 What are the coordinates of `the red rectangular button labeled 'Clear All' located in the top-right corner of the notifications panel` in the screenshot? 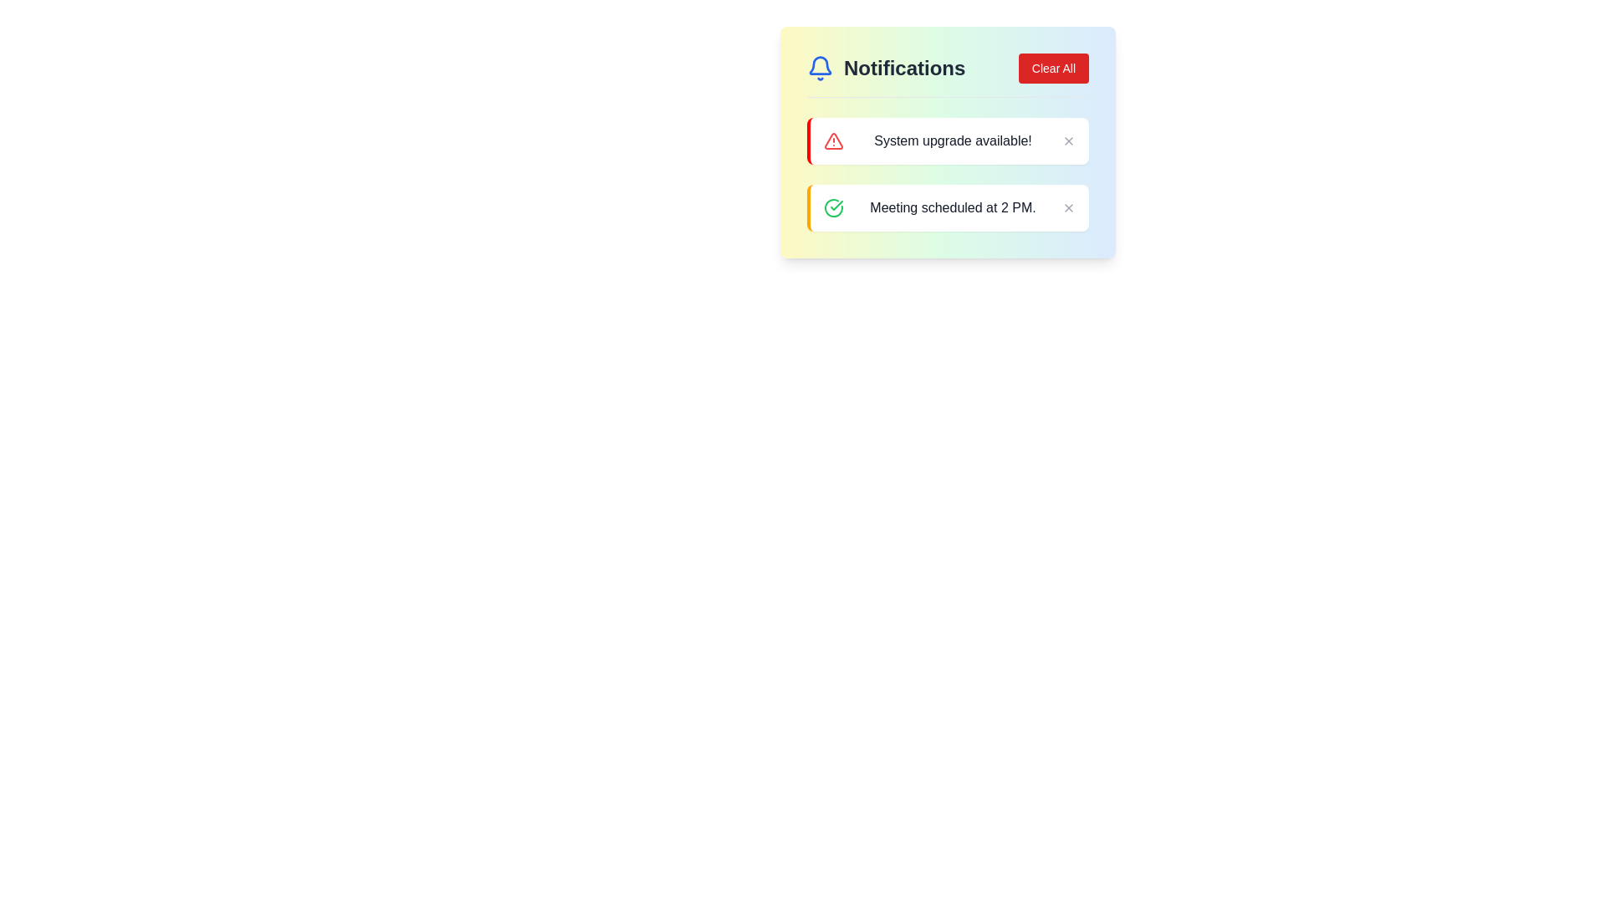 It's located at (1052, 67).